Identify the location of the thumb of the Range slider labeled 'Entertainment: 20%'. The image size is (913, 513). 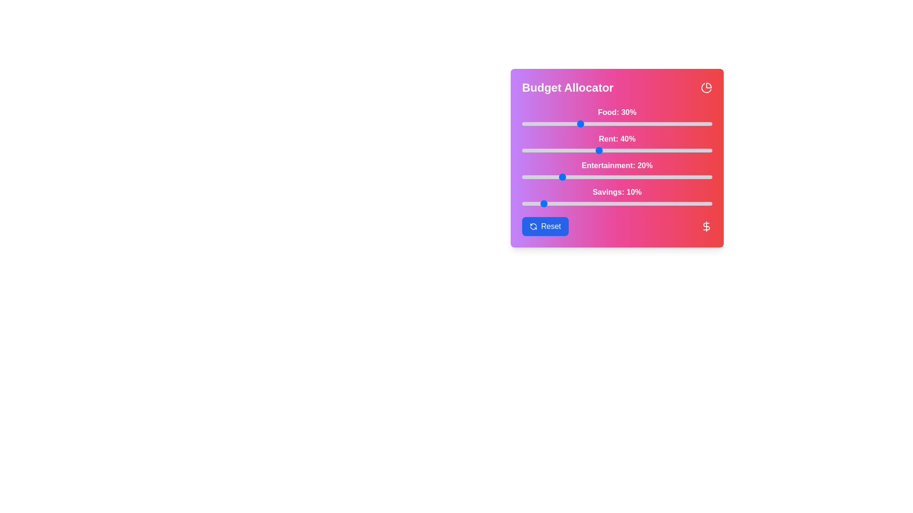
(617, 177).